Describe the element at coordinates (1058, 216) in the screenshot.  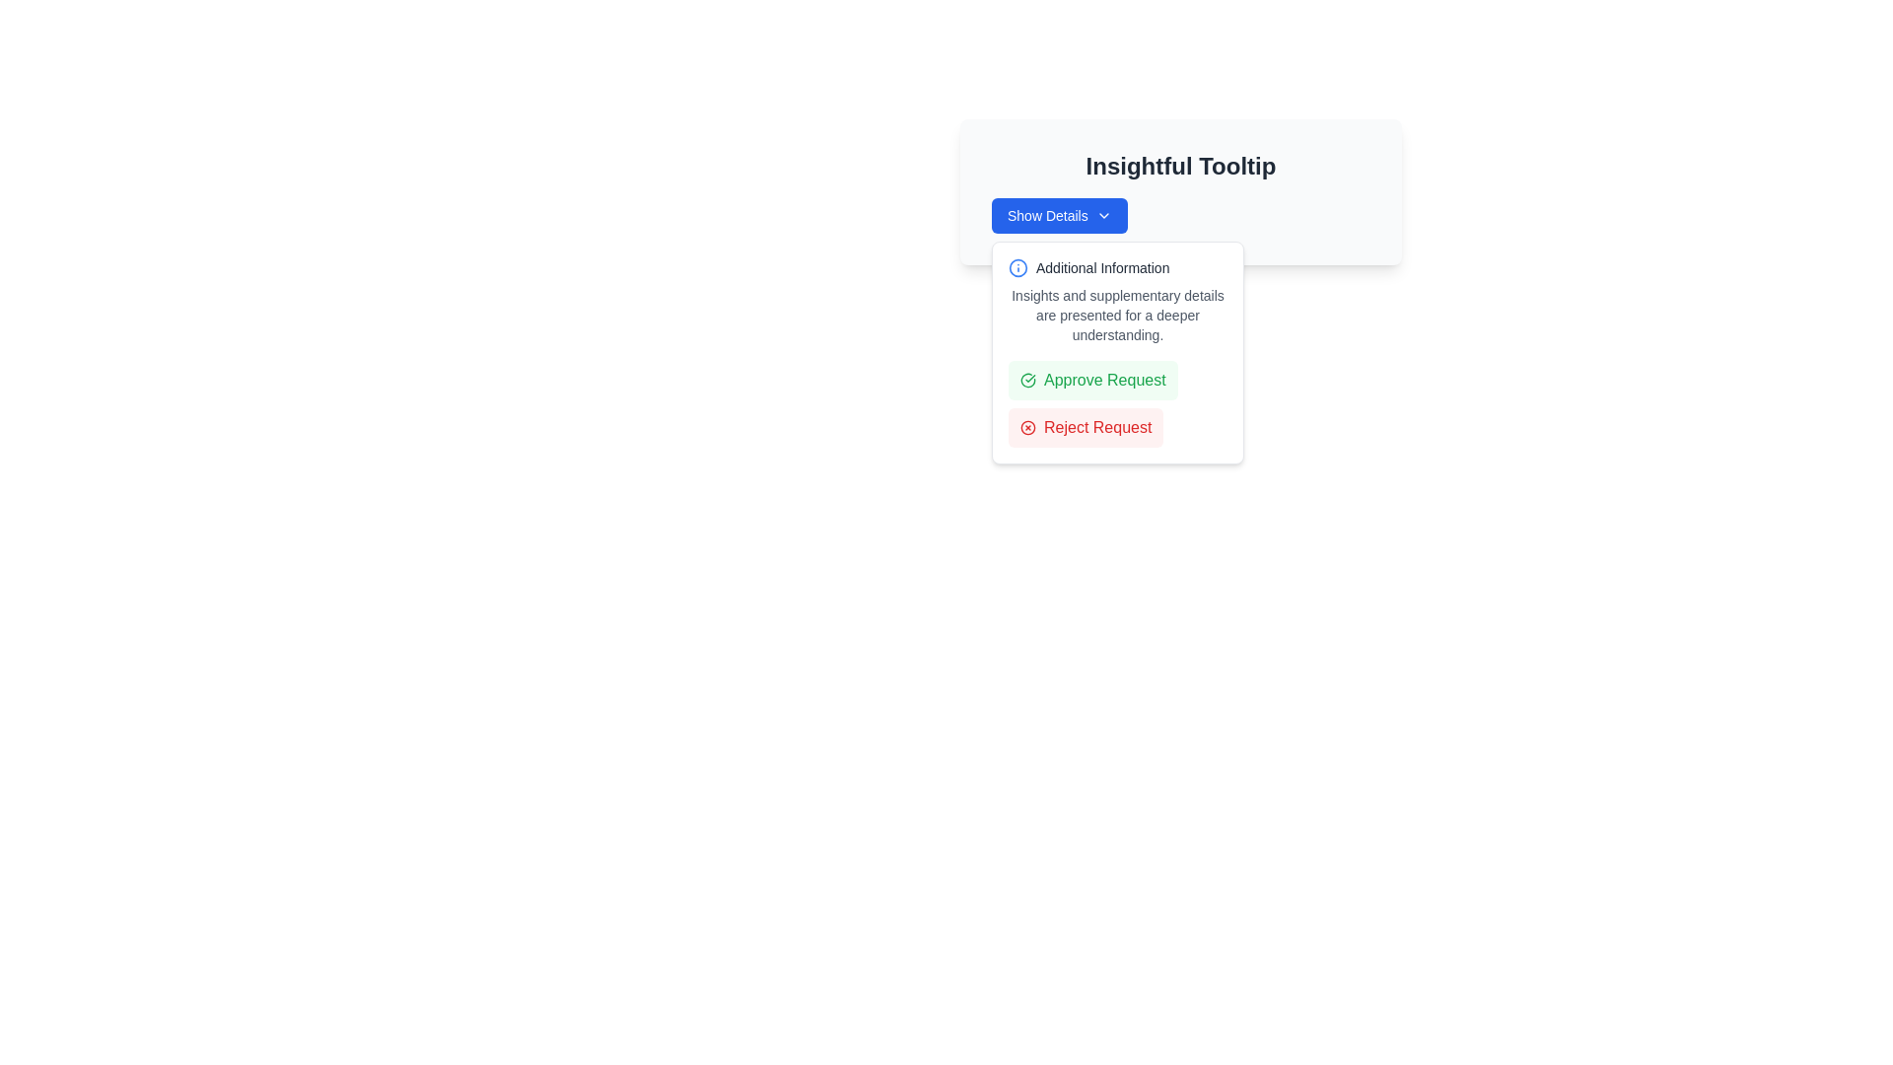
I see `the toggle button located in the top left quadrant of the interface to trigger hover effects, revealing additional options below` at that location.